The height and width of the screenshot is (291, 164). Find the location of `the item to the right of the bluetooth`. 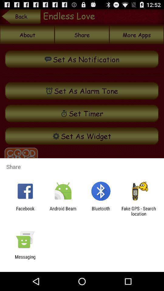

the item to the right of the bluetooth is located at coordinates (138, 211).